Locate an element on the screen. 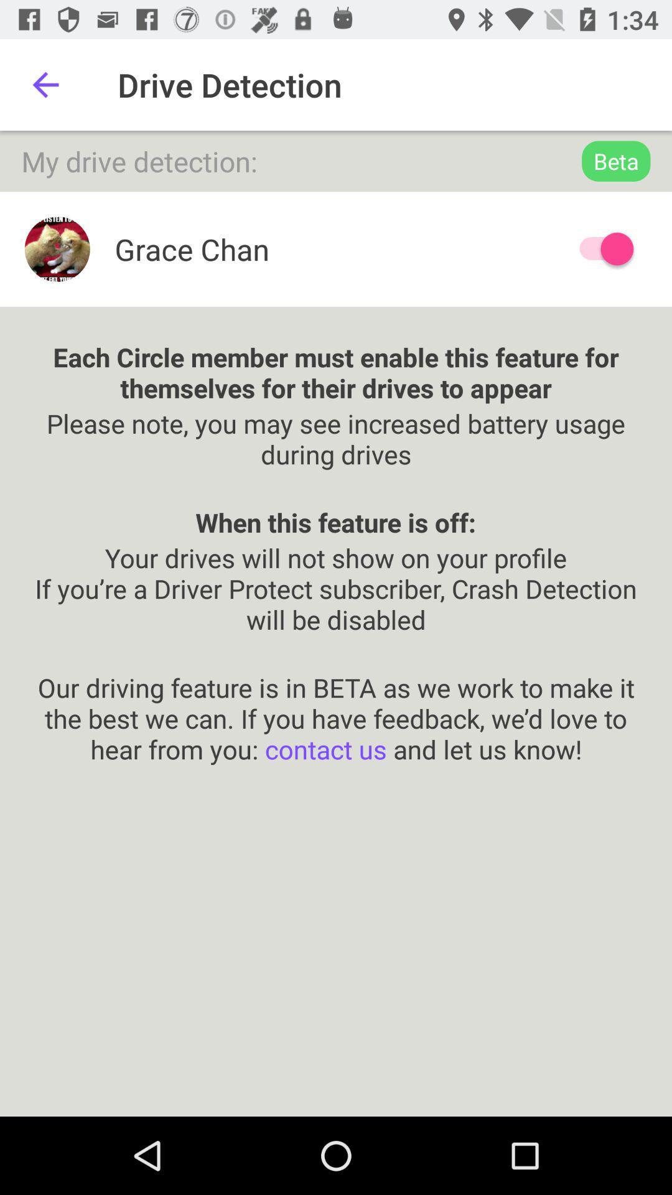 The width and height of the screenshot is (672, 1195). driver is located at coordinates (600, 249).